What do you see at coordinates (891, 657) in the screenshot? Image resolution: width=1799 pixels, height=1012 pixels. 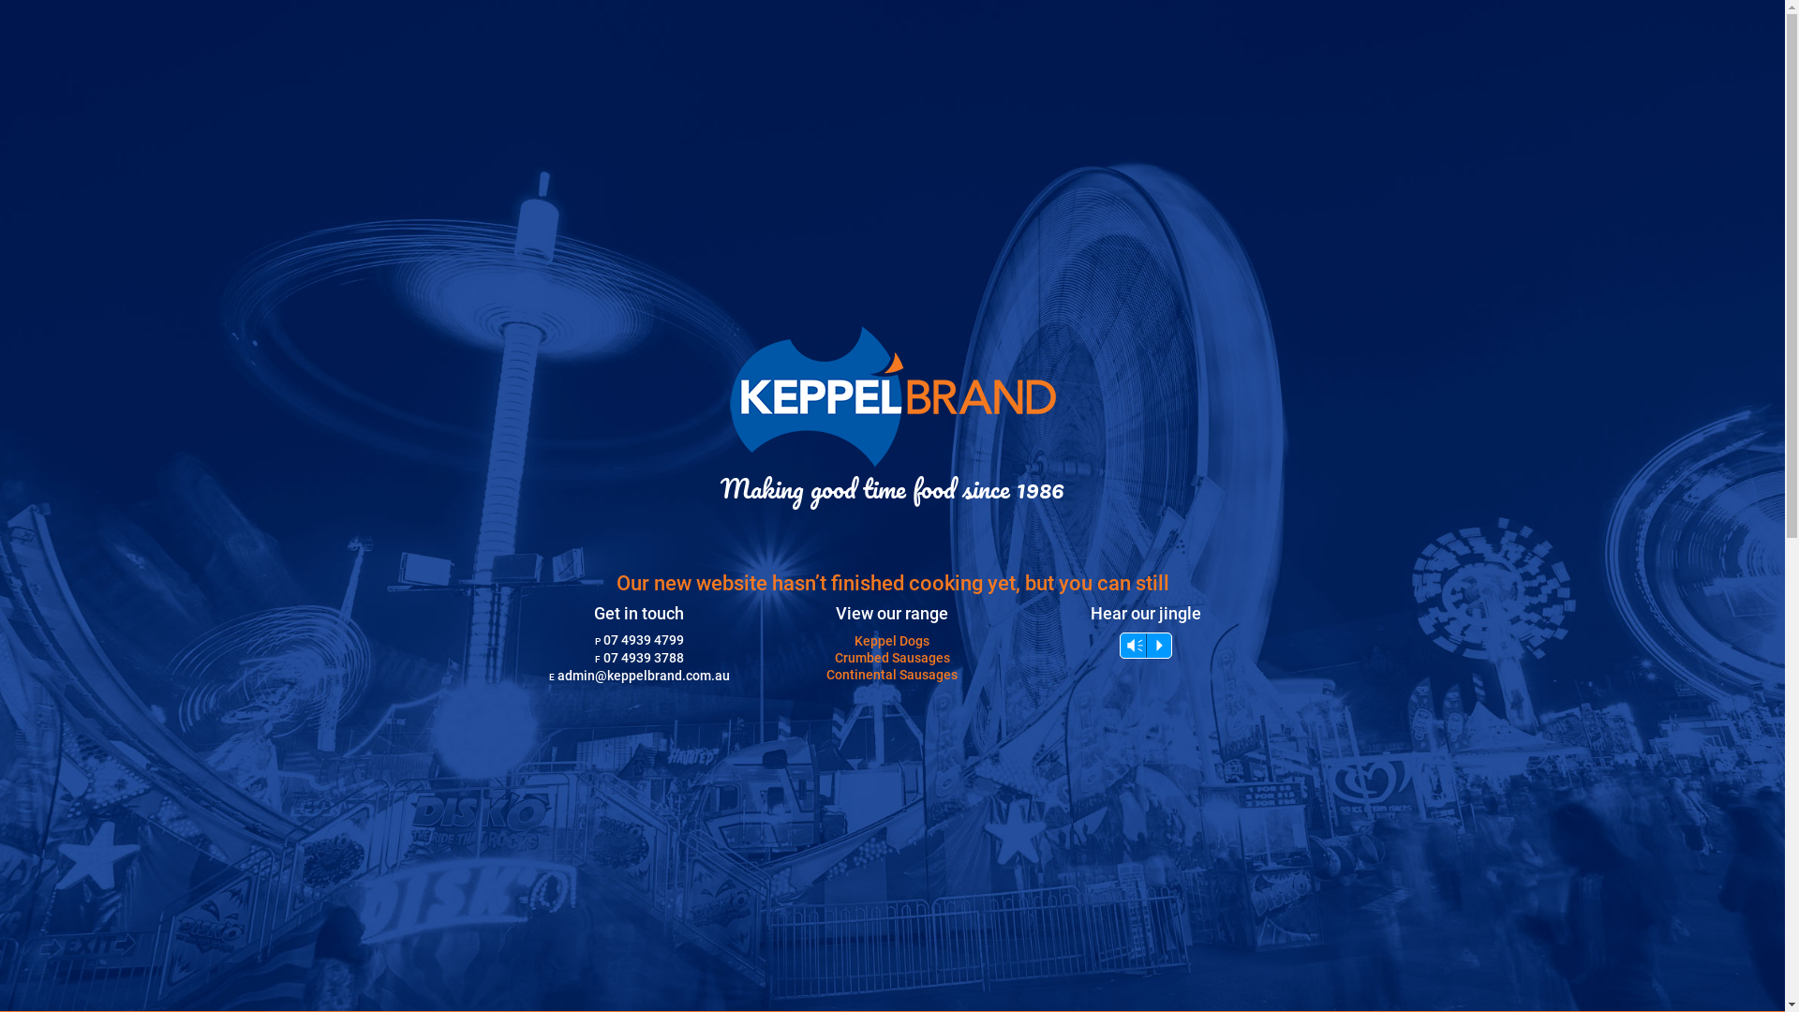 I see `'Crumbed Sausages'` at bounding box center [891, 657].